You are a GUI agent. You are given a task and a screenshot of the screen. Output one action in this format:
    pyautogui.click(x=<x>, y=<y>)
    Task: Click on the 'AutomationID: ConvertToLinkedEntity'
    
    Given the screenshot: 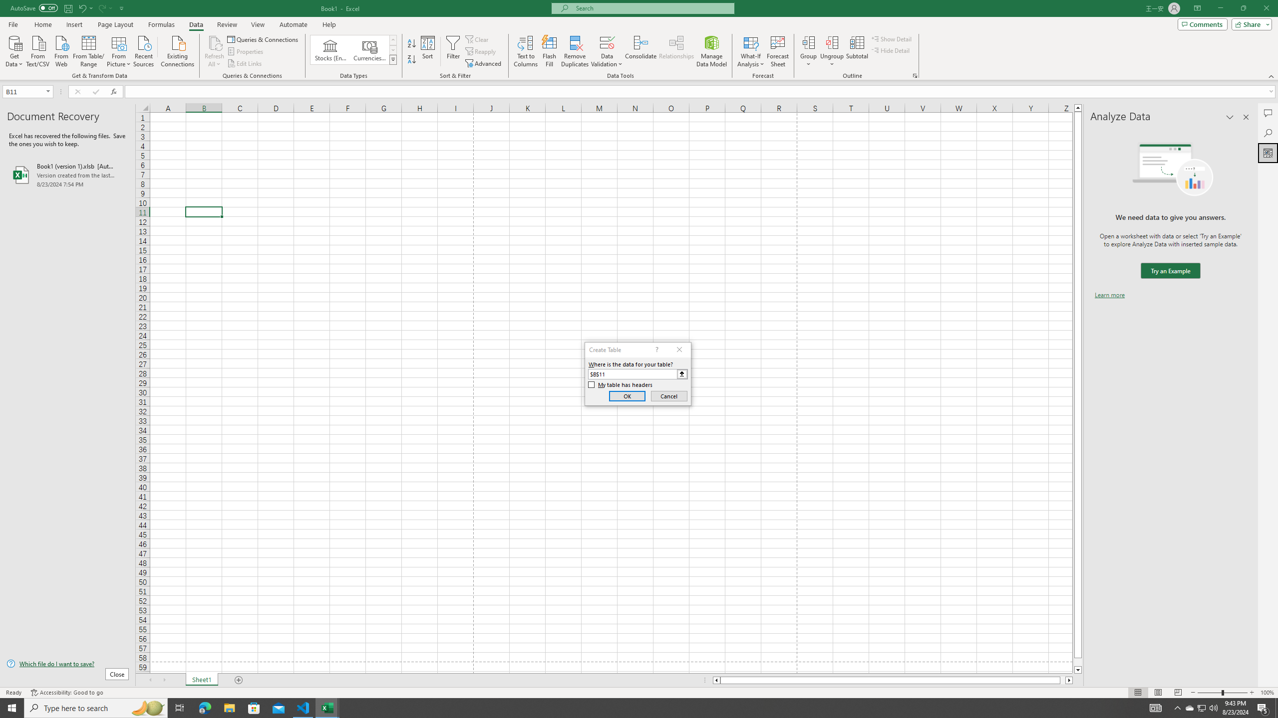 What is the action you would take?
    pyautogui.click(x=354, y=49)
    